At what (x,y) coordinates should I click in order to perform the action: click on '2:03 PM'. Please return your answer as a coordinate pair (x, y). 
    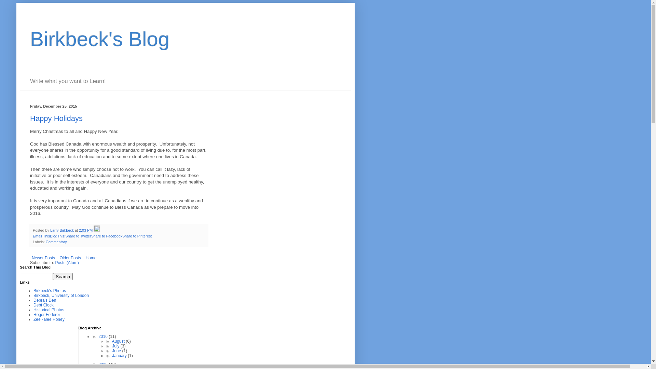
    Looking at the image, I should click on (85, 230).